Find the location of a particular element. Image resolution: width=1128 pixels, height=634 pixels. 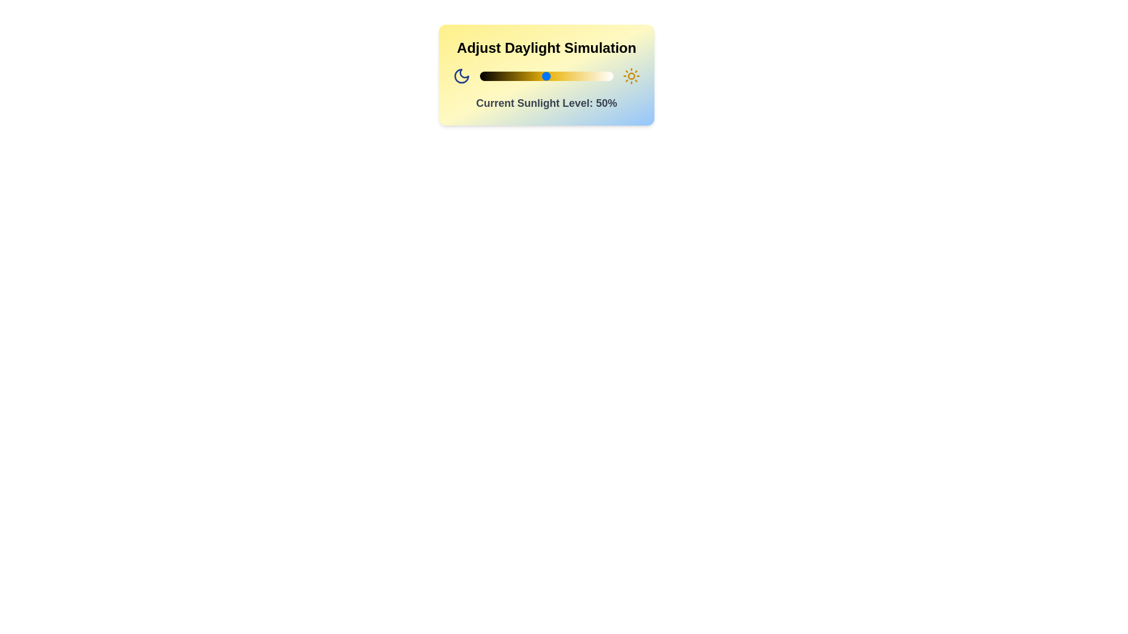

the sunlight level to 75% by interacting with the slider is located at coordinates (580, 76).